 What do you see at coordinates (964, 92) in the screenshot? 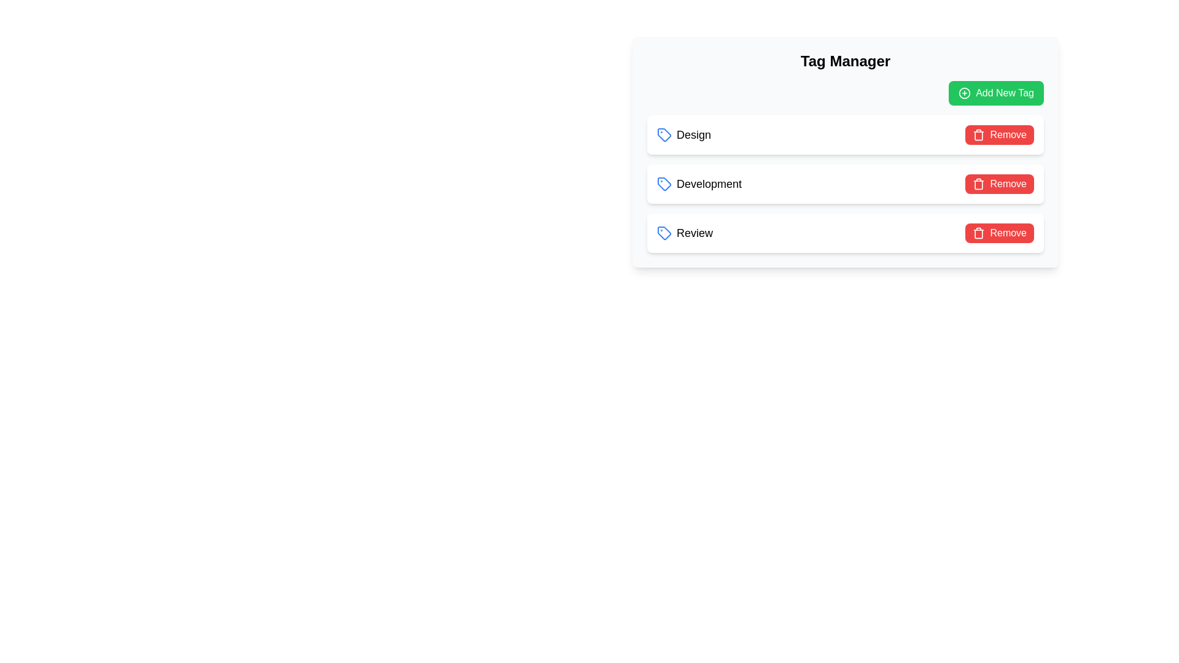
I see `the circle element within the 'Add New Tag' button's 'circle-plus' icon located at the top-right section of the panel` at bounding box center [964, 92].